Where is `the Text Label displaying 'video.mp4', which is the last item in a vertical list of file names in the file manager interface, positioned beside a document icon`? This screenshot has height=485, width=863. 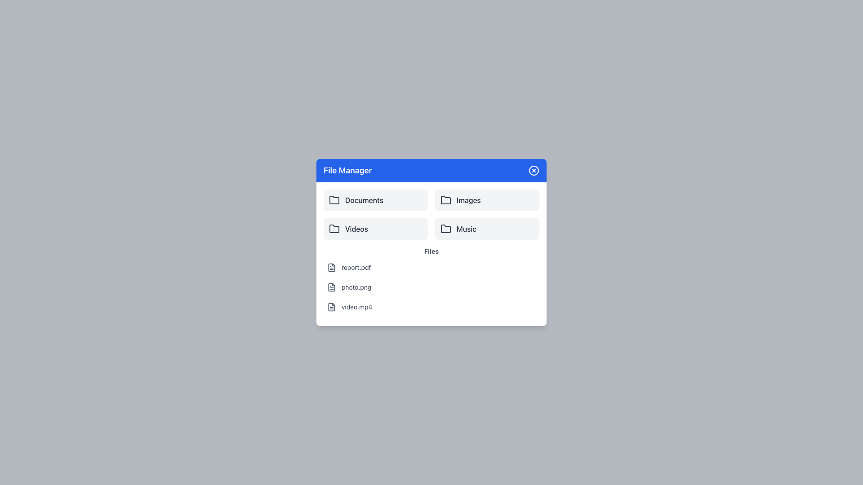
the Text Label displaying 'video.mp4', which is the last item in a vertical list of file names in the file manager interface, positioned beside a document icon is located at coordinates (356, 306).